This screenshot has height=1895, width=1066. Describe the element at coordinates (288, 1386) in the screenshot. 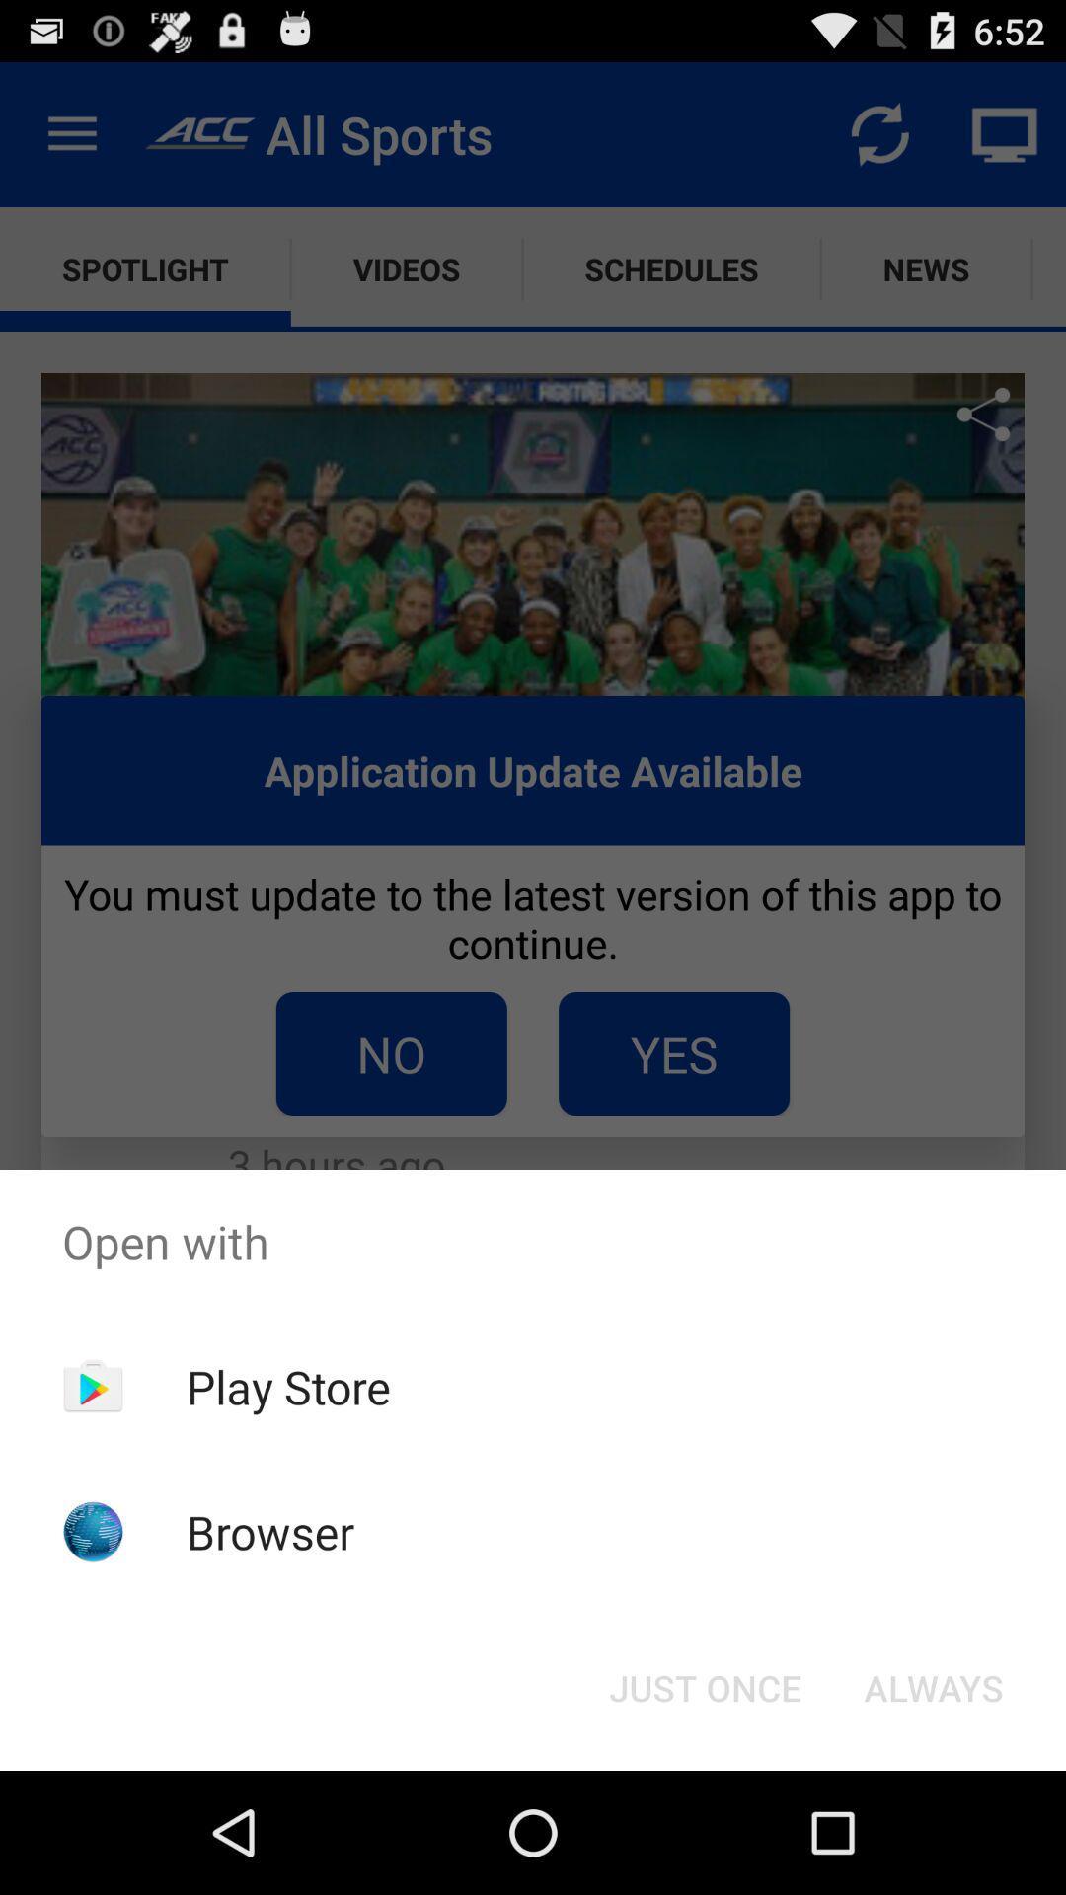

I see `the item above the browser` at that location.